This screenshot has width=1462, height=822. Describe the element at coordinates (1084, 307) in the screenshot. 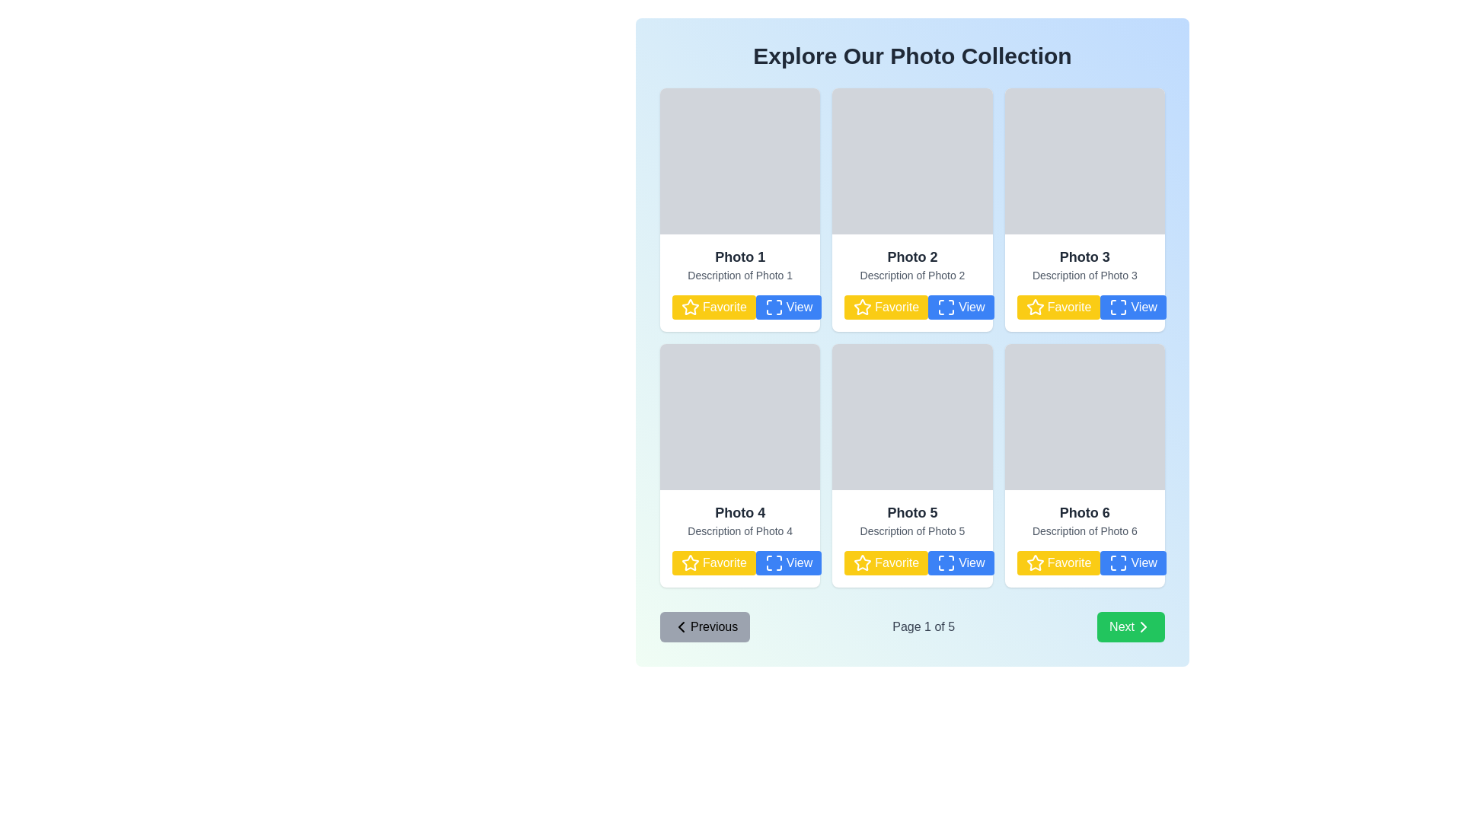

I see `the button with a yellow background and white star icon labeled 'Favorite' located in the lower section of the photo card 'Photo 3'` at that location.